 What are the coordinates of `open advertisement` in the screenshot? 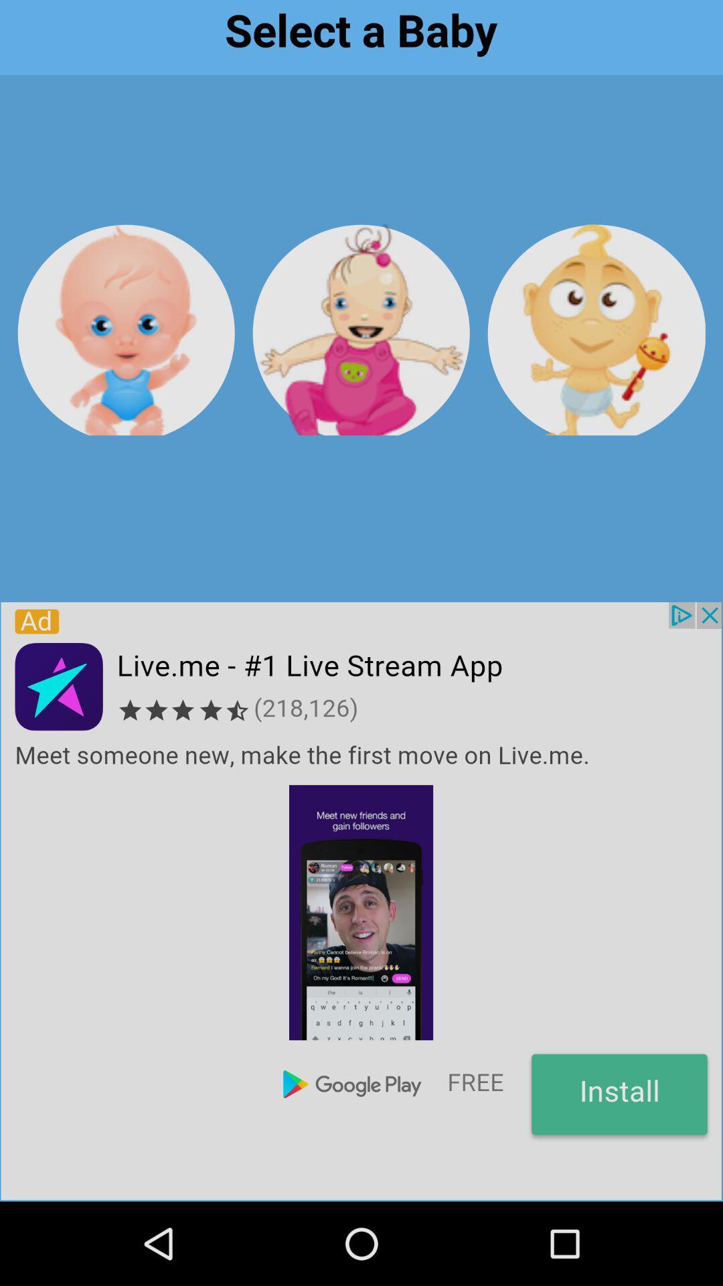 It's located at (360, 901).